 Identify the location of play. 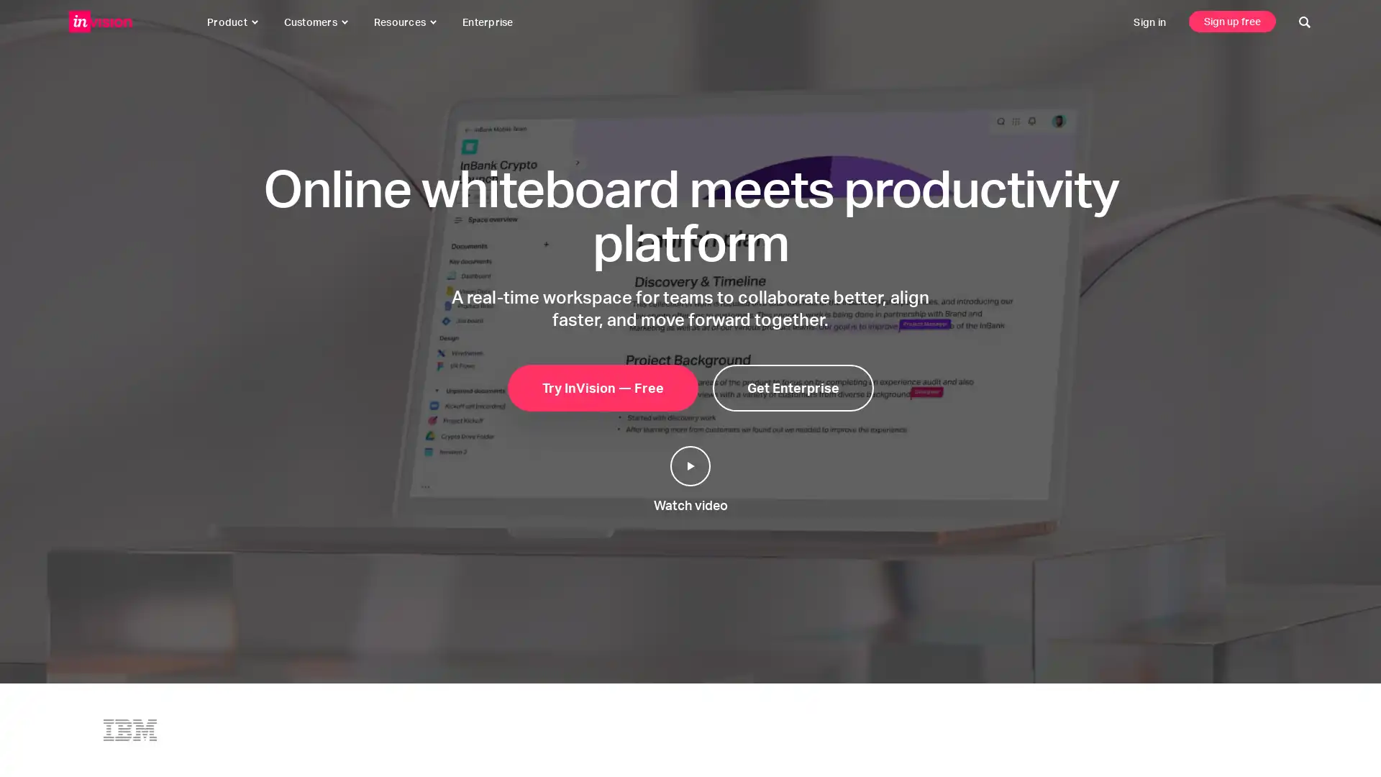
(690, 465).